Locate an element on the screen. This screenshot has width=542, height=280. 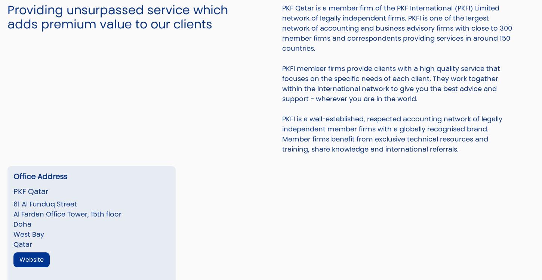
'Qatar' is located at coordinates (13, 244).